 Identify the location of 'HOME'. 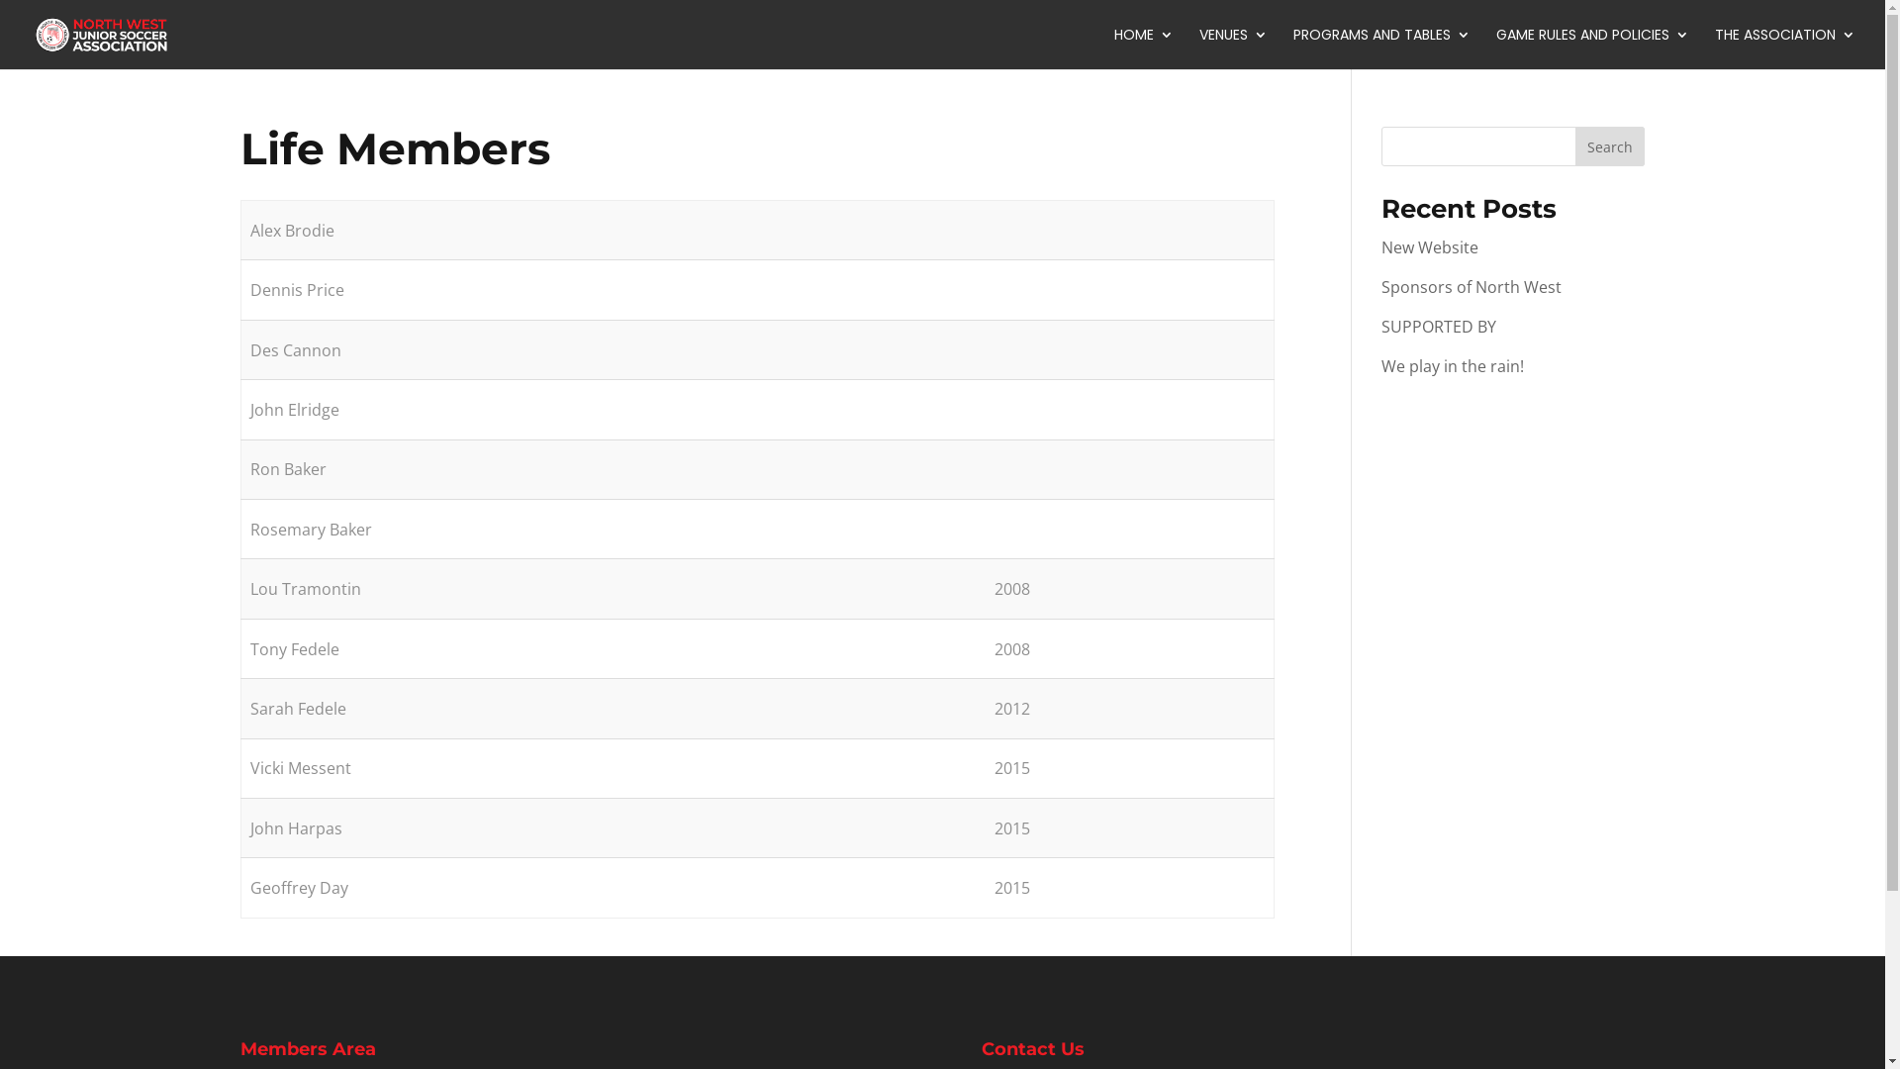
(1144, 48).